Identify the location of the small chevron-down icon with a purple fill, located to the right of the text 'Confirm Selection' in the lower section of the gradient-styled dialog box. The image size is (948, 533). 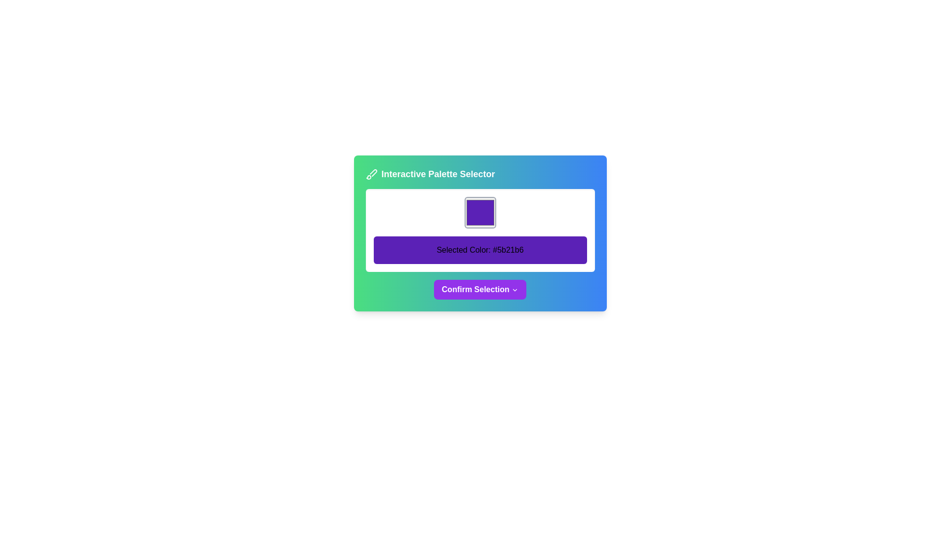
(514, 289).